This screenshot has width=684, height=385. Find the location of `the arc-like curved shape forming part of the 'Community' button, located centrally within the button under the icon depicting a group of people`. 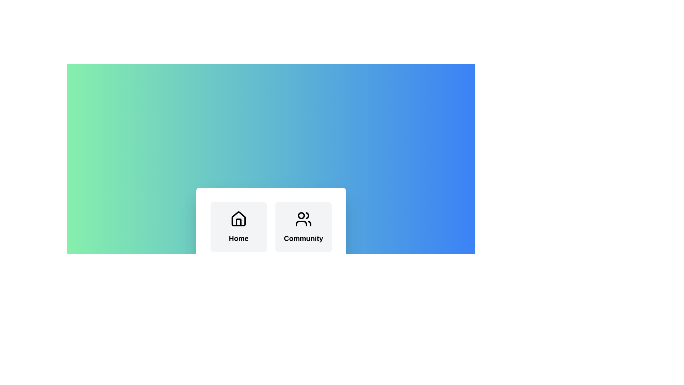

the arc-like curved shape forming part of the 'Community' button, located centrally within the button under the icon depicting a group of people is located at coordinates (301, 223).